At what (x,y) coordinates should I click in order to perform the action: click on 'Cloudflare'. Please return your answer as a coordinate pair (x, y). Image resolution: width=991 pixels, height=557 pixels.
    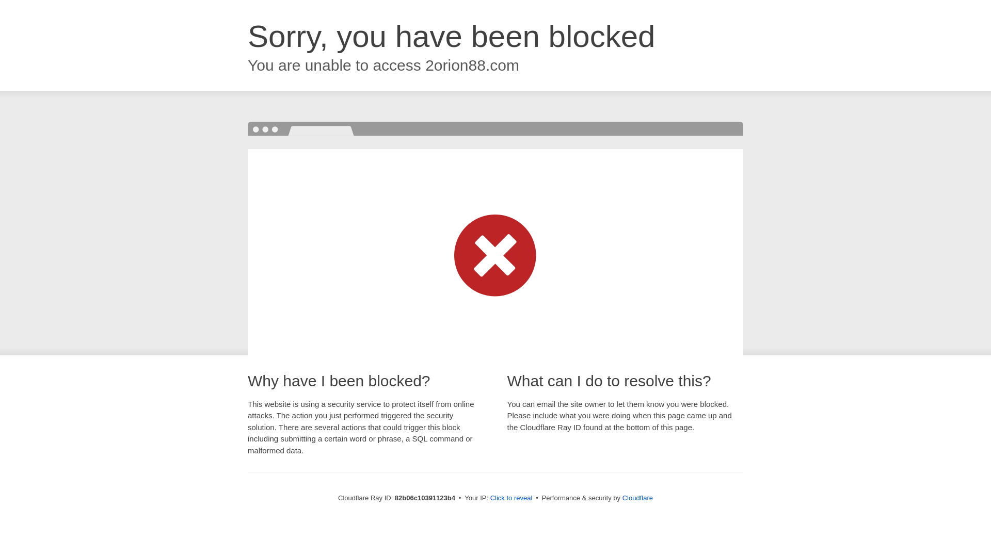
    Looking at the image, I should click on (637, 497).